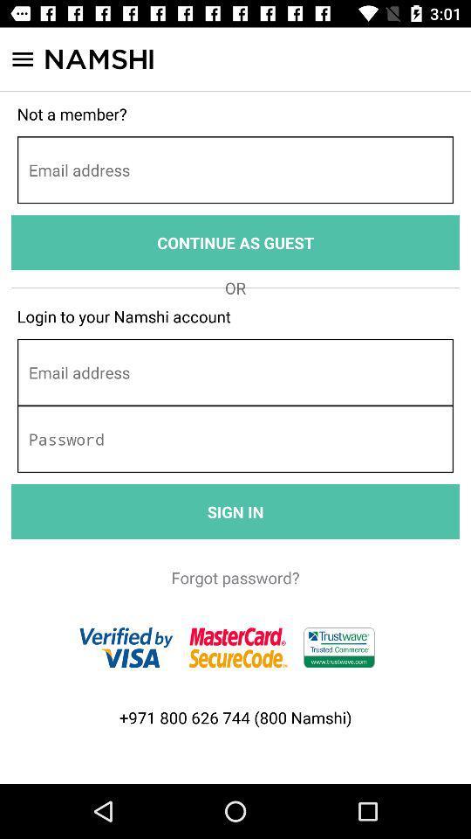  What do you see at coordinates (235, 511) in the screenshot?
I see `the sign in item` at bounding box center [235, 511].